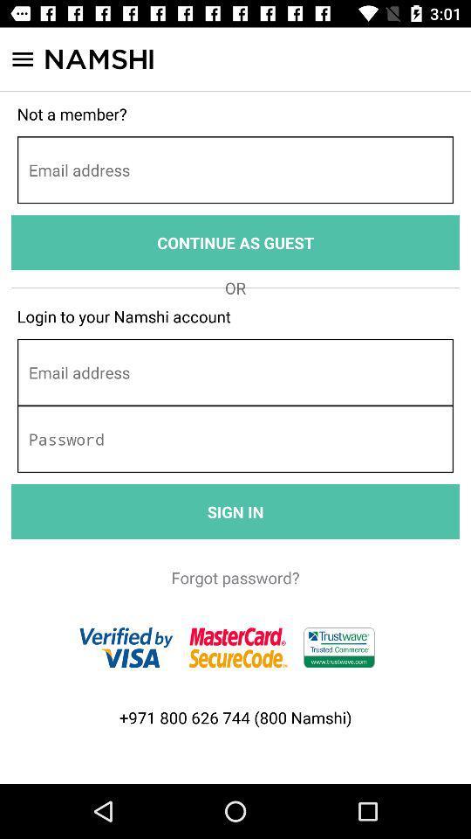  What do you see at coordinates (235, 511) in the screenshot?
I see `the sign in item` at bounding box center [235, 511].